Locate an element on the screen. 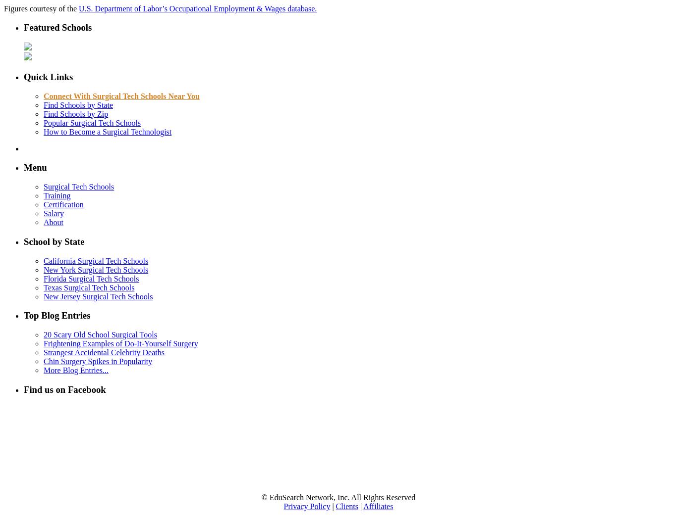 The width and height of the screenshot is (677, 519). 'Training' is located at coordinates (43, 195).